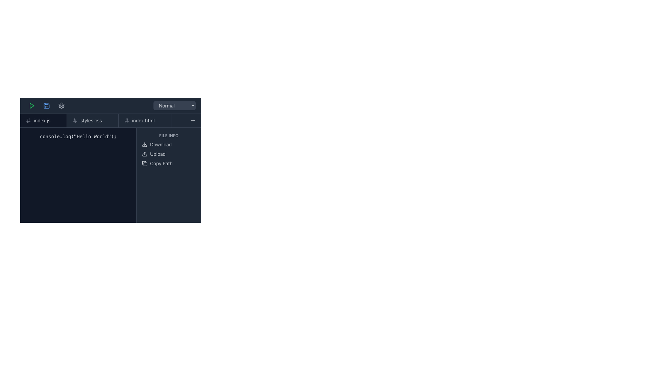 This screenshot has height=365, width=649. I want to click on the navigation tab for 'styles.css' located between 'index.js' and 'index.html', so click(102, 120).